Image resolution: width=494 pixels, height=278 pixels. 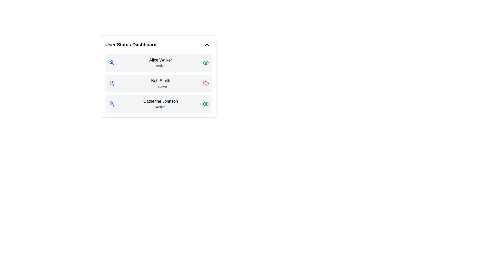 What do you see at coordinates (205, 104) in the screenshot?
I see `the green eye icon located to the right of the user profile displaying 'Catherine Johnson' and her status 'Active' for further actions` at bounding box center [205, 104].